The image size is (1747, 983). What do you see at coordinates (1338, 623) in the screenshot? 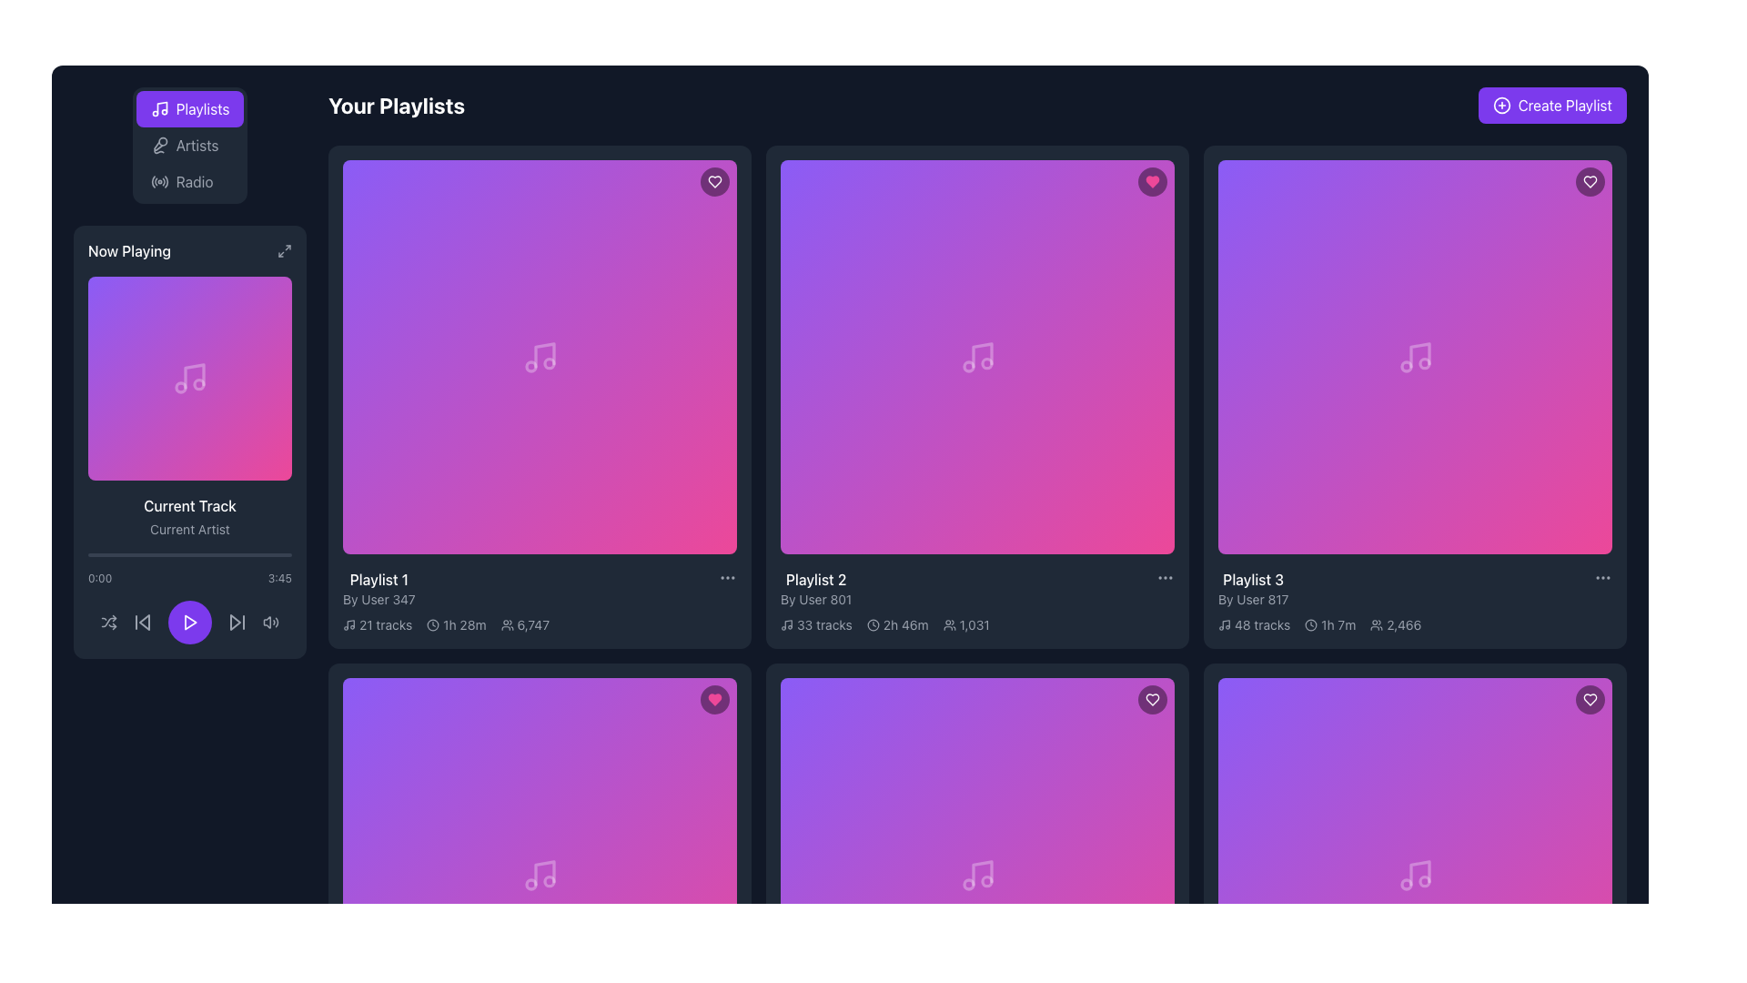
I see `the static text label displaying the duration of 'Playlist 3', located at the bottom-right corner next to a clock icon` at bounding box center [1338, 623].